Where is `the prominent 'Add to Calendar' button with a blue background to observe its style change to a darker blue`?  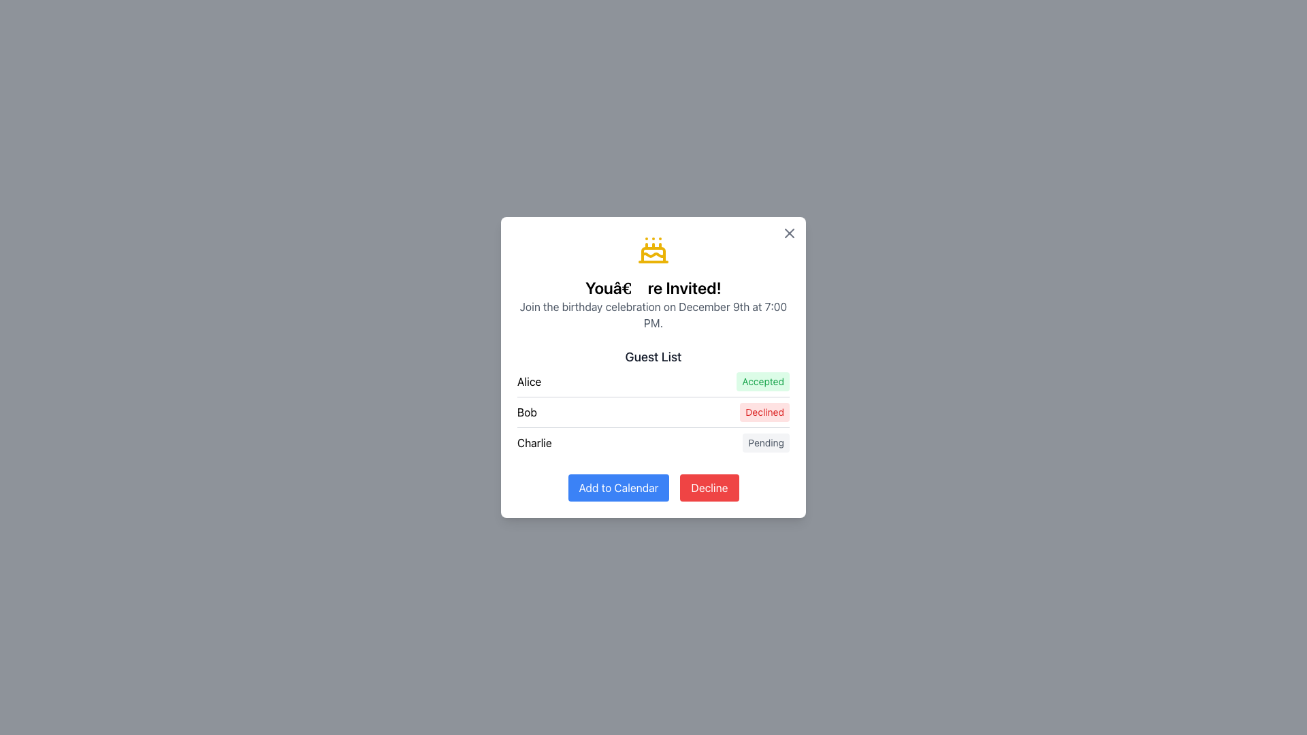
the prominent 'Add to Calendar' button with a blue background to observe its style change to a darker blue is located at coordinates (617, 487).